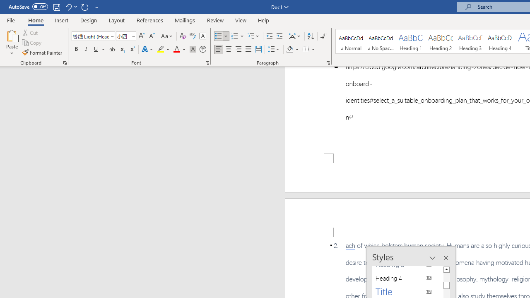 Image resolution: width=530 pixels, height=298 pixels. What do you see at coordinates (310, 36) in the screenshot?
I see `'Sort...'` at bounding box center [310, 36].